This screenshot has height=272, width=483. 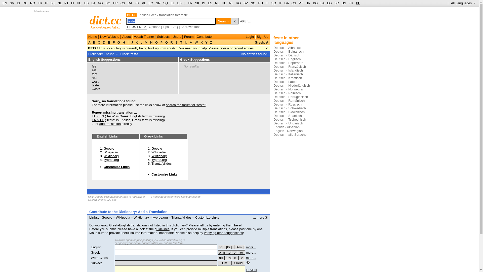 I want to click on 'R', so click(x=169, y=42).